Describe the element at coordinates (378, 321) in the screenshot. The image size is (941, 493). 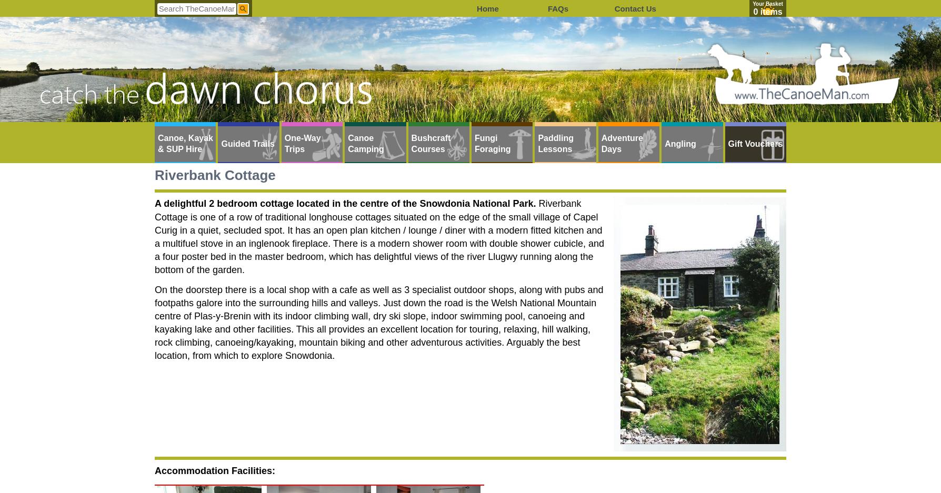
I see `'On the doorstep there is a local shop with a cafe as well as 3 specialist outdoor shops, along with pubs and footpaths galore into the surrounding hills and valleys. Just down the road is the Welsh National Mountain centre of Plas-y-Brenin with its indoor climbing wall, dry ski slope, indoor swimming pool, canoeing and kayaking lake and other facilities. This all provides an excellent location for touring, relaxing, hill walking, rock climbing, canoeing/kayaking, mountain biking and other adventurous activities. Arguably the best location, from which to explore Snowdonia.'` at that location.